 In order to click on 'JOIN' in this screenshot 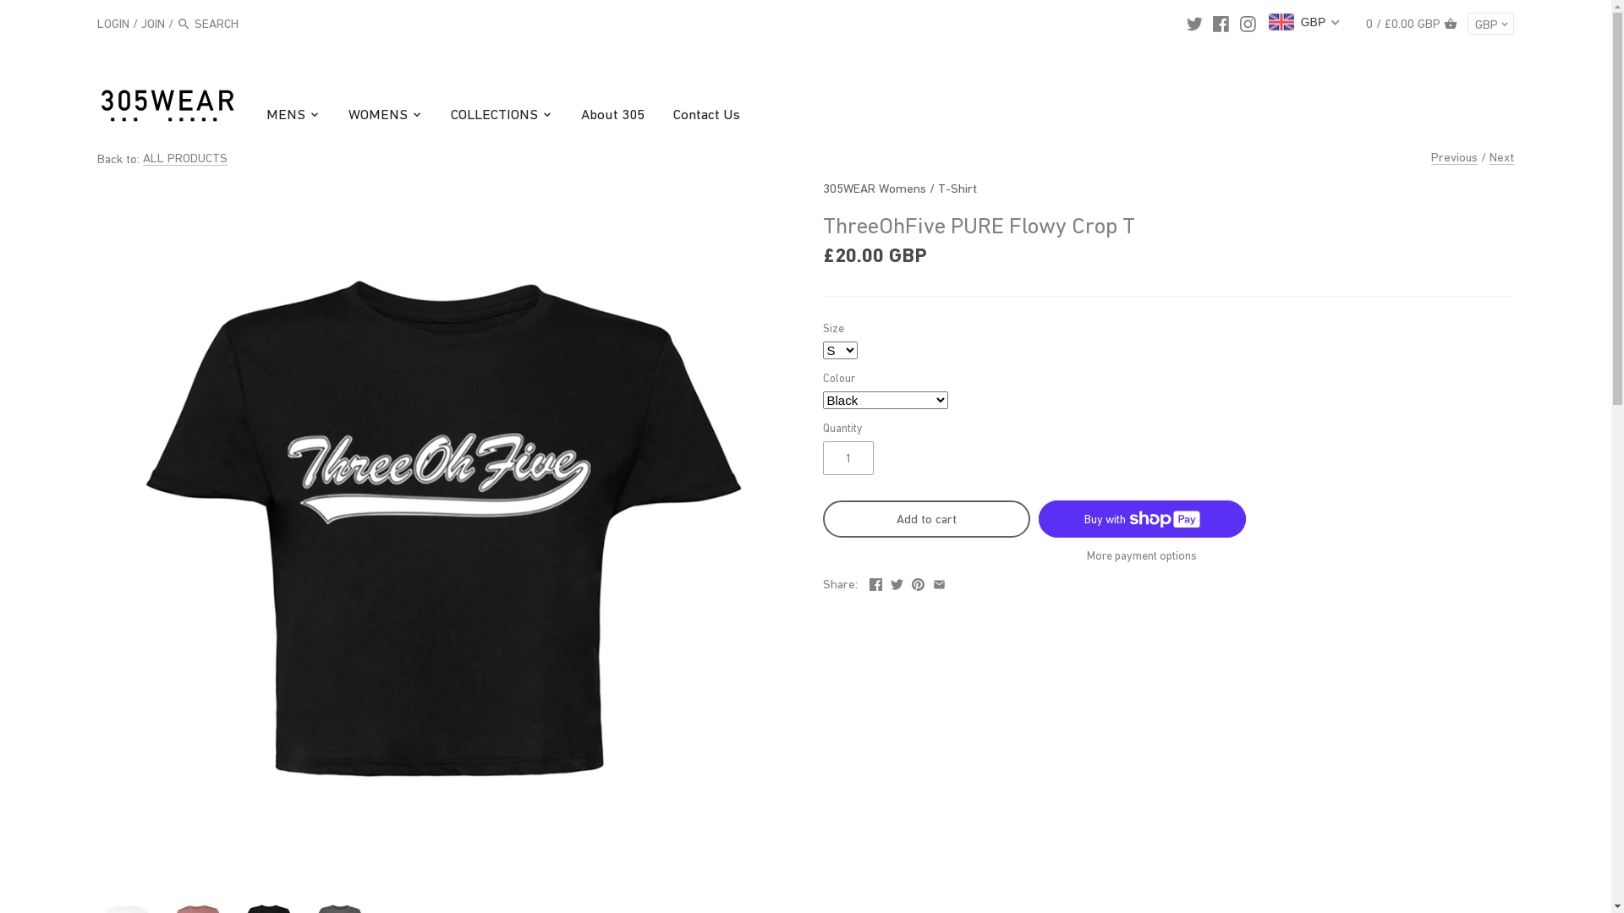, I will do `click(153, 22)`.